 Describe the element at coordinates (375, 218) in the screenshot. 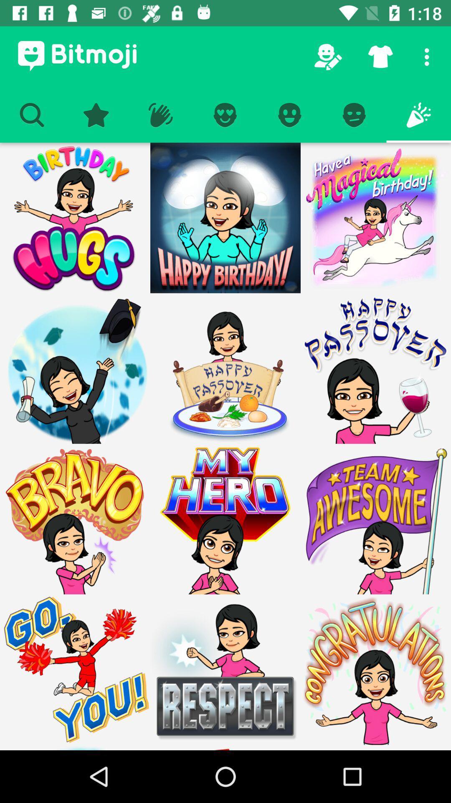

I see `magic birthday bitmoji` at that location.